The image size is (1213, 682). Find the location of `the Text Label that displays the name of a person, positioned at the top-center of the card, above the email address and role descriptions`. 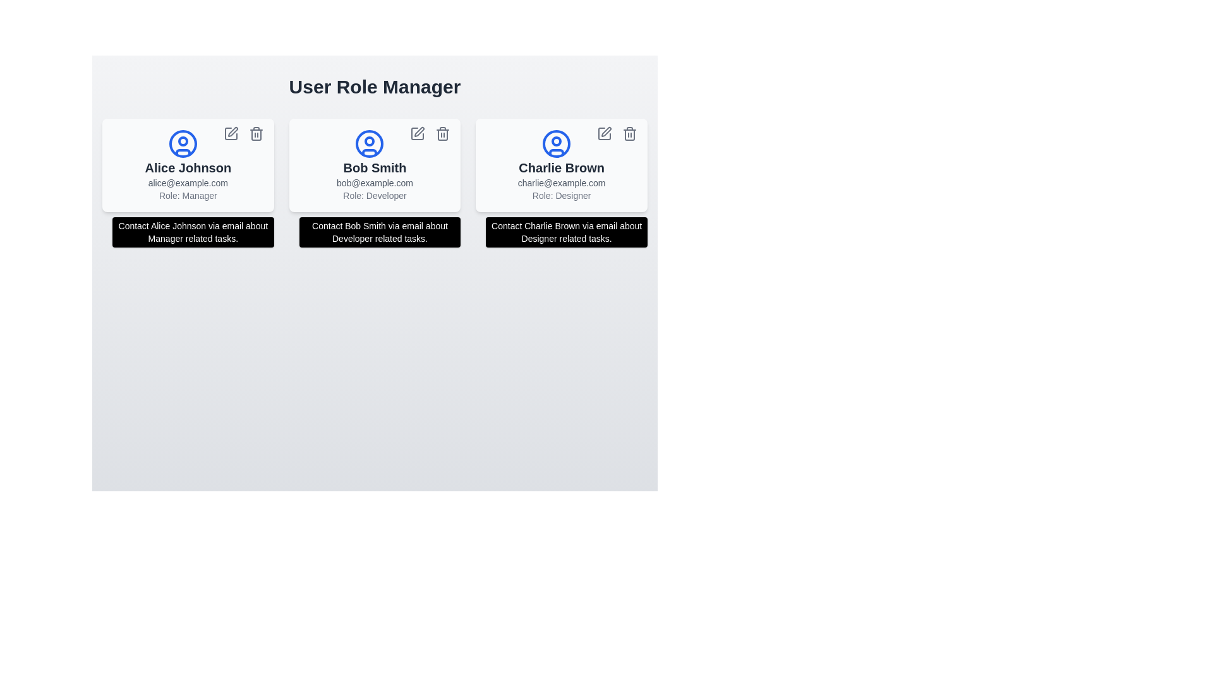

the Text Label that displays the name of a person, positioned at the top-center of the card, above the email address and role descriptions is located at coordinates (374, 167).